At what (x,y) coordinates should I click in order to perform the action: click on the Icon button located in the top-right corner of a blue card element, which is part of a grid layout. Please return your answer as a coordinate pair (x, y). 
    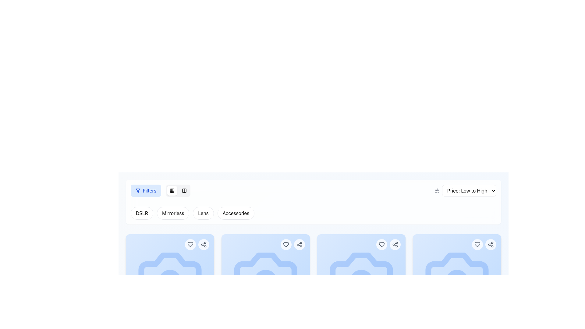
    Looking at the image, I should click on (477, 244).